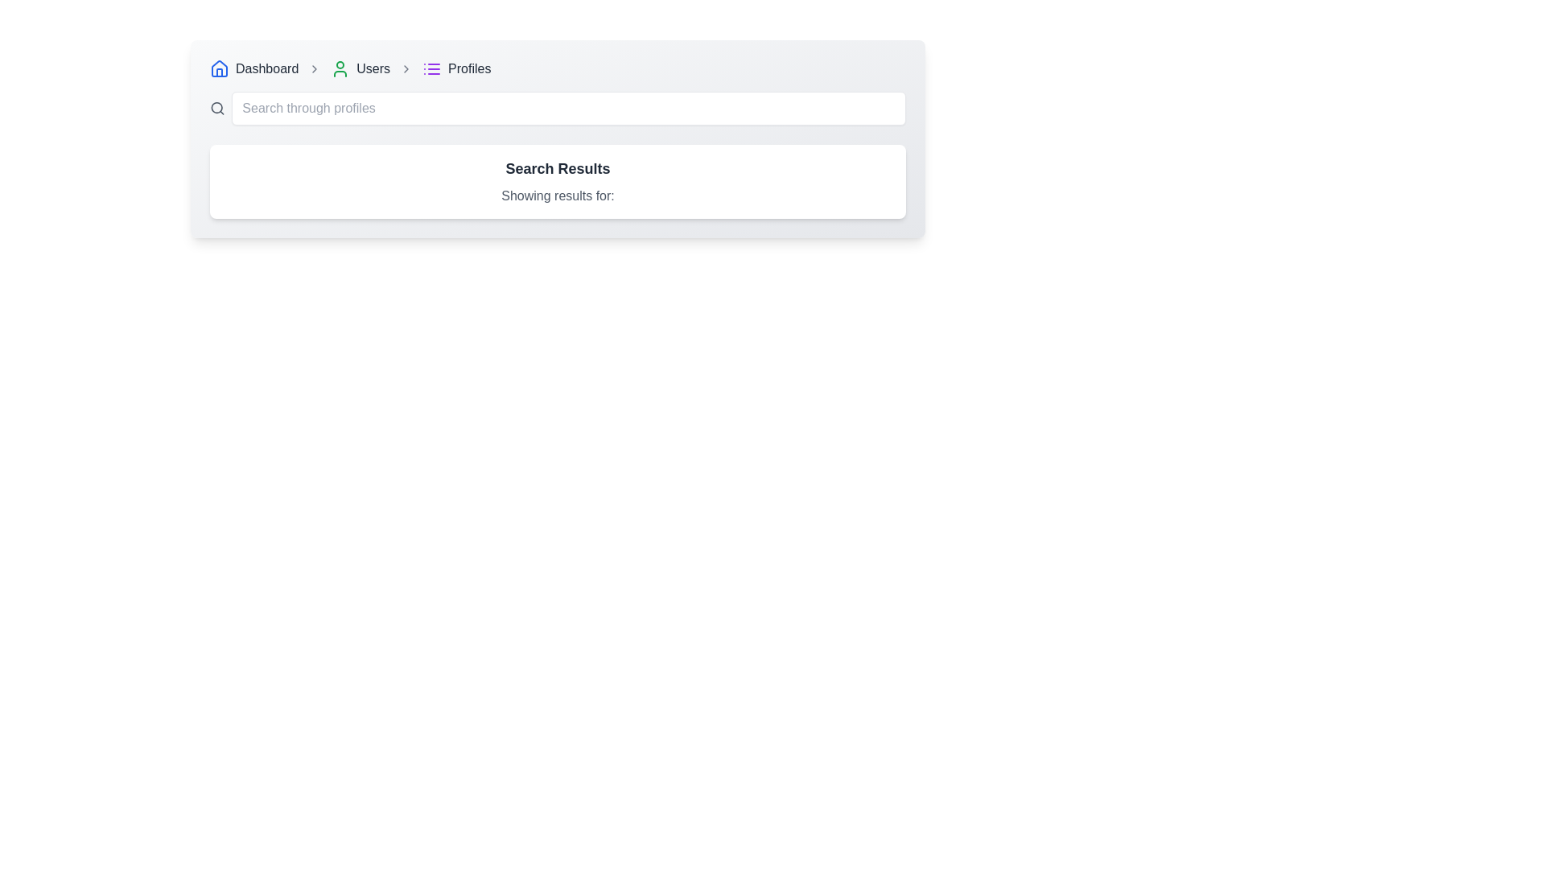 This screenshot has height=869, width=1545. Describe the element at coordinates (253, 68) in the screenshot. I see `the Breadcrumb navigation link that serves as a navigational link to the 'Dashboard' section, located at the left end of the breadcrumb trail navigation bar` at that location.